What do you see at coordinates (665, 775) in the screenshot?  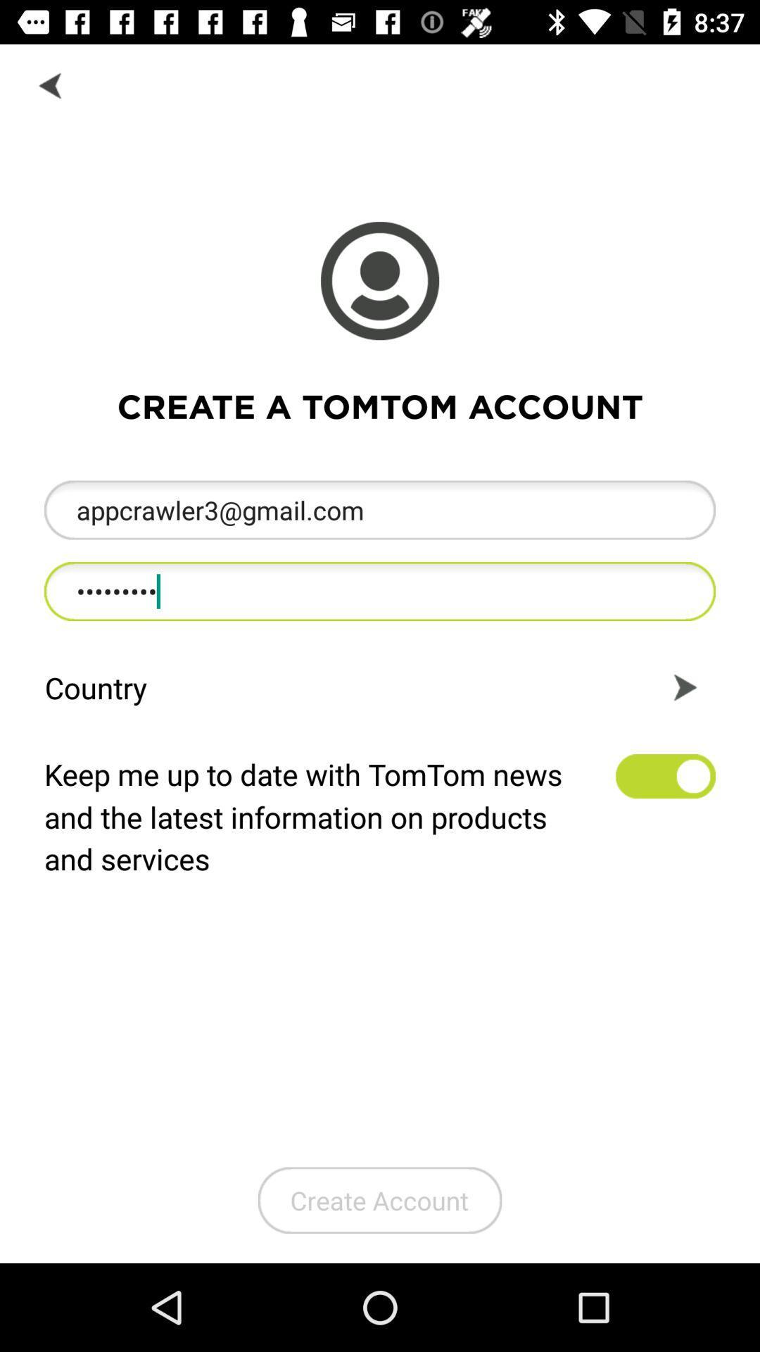 I see `click slider to get news` at bounding box center [665, 775].